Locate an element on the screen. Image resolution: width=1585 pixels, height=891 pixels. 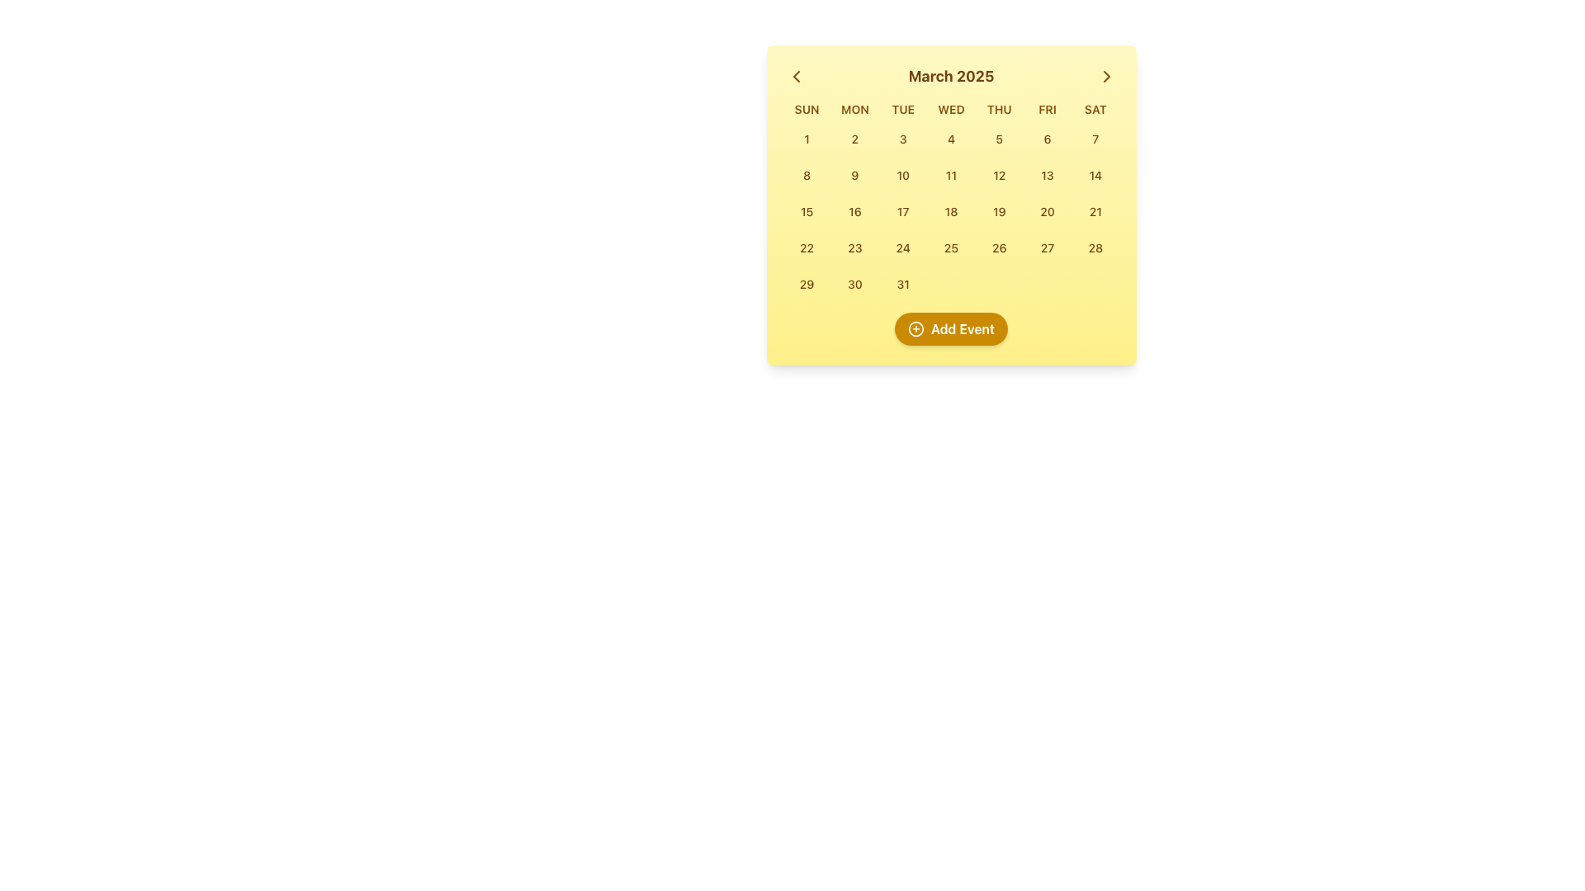
the 'THU' text label, which is a three-letter day abbreviation in a bold, dark brown font, positioned in the fifth column of a seven-column grid at the top of the calendar layout is located at coordinates (998, 109).